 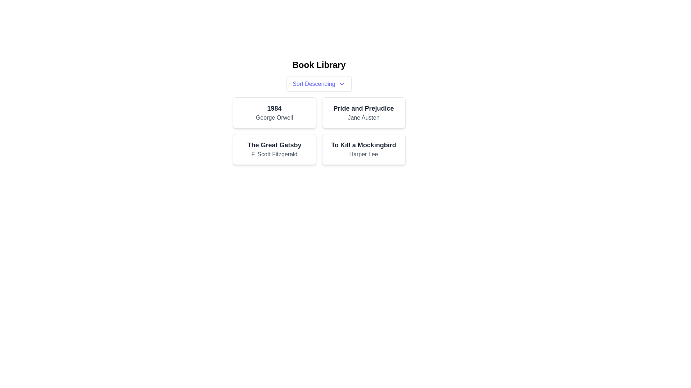 What do you see at coordinates (363, 112) in the screenshot?
I see `the display card for the book 'Pride and Prejudice', which is the second card in the first row of a grid layout` at bounding box center [363, 112].